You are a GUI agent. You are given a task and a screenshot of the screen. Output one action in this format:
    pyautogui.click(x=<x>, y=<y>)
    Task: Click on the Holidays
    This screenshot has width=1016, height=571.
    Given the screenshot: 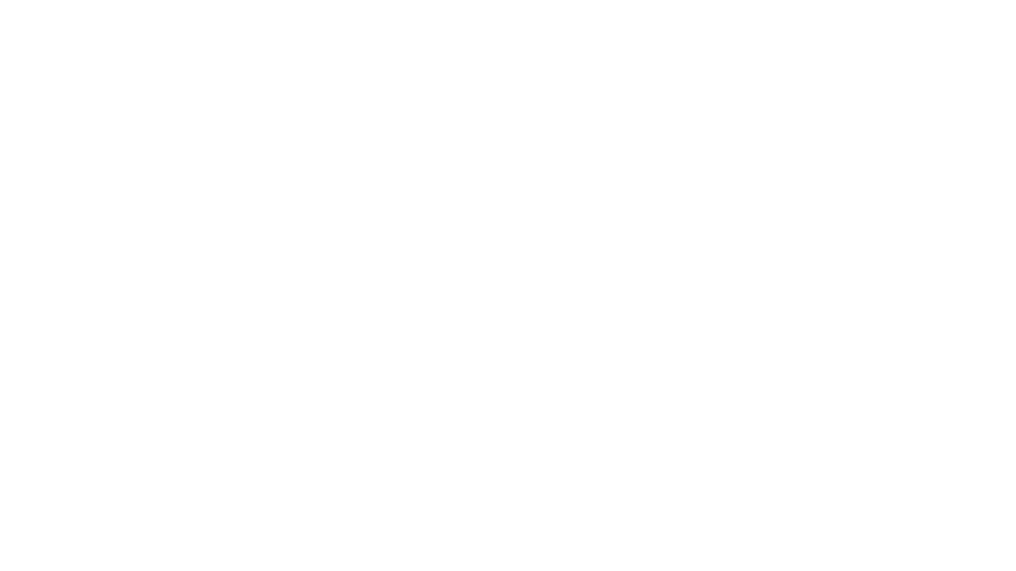 What is the action you would take?
    pyautogui.click(x=508, y=222)
    